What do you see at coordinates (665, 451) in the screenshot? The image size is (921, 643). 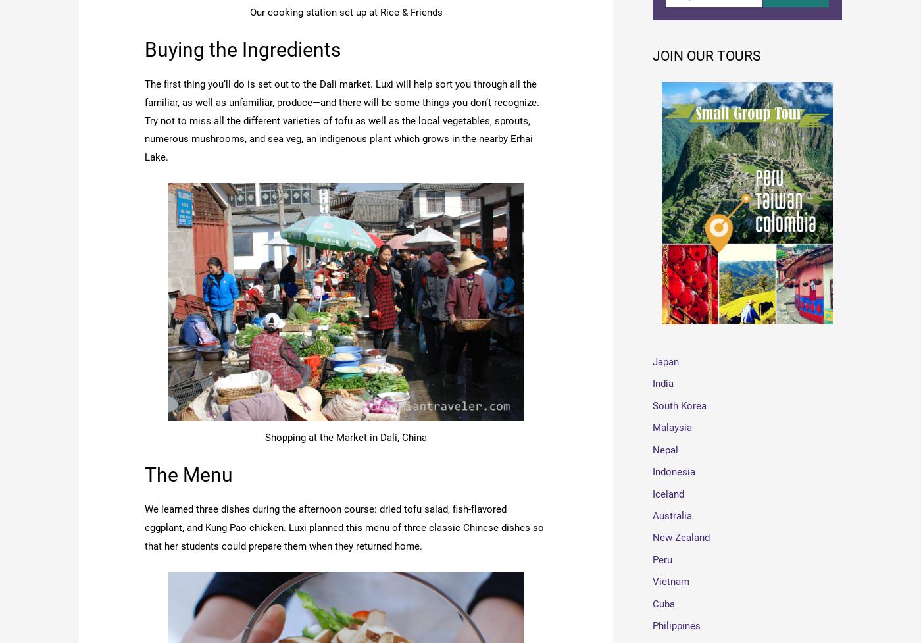 I see `'Nepal'` at bounding box center [665, 451].